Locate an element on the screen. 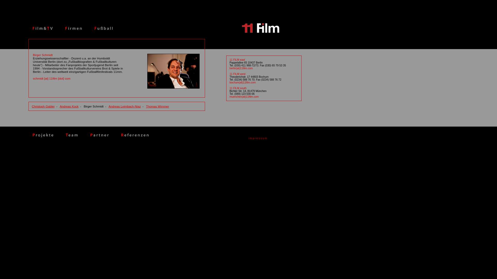 Image resolution: width=497 pixels, height=279 pixels. 'Andreas Leimbach-Niaz' is located at coordinates (125, 106).